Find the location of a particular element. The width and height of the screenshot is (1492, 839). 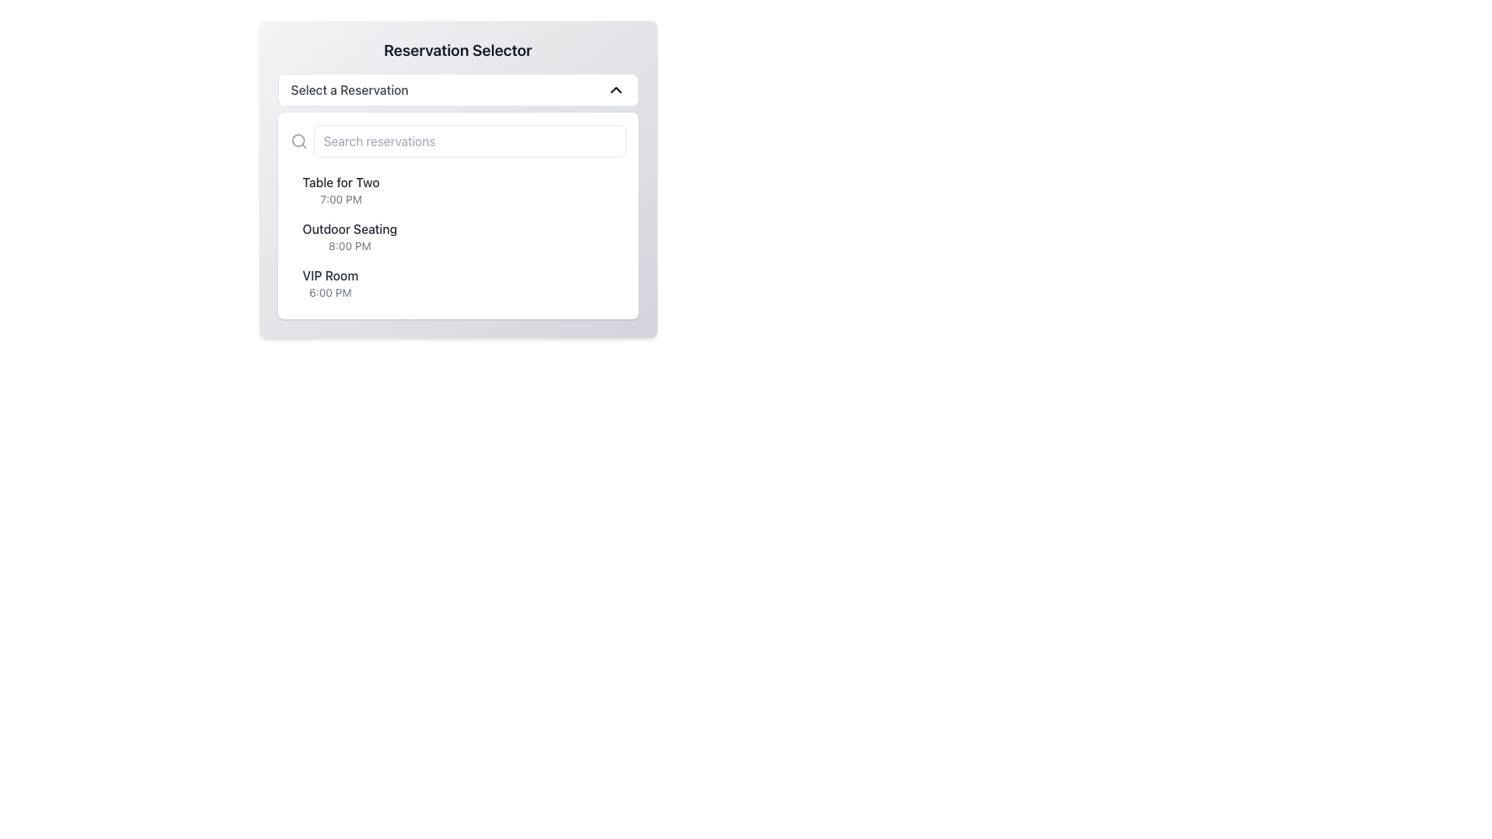

text of the title label representing the seating arrangement type, located in the reservation options list, positioned above 'VIP Room' and below 'Table for Two' is located at coordinates (349, 228).